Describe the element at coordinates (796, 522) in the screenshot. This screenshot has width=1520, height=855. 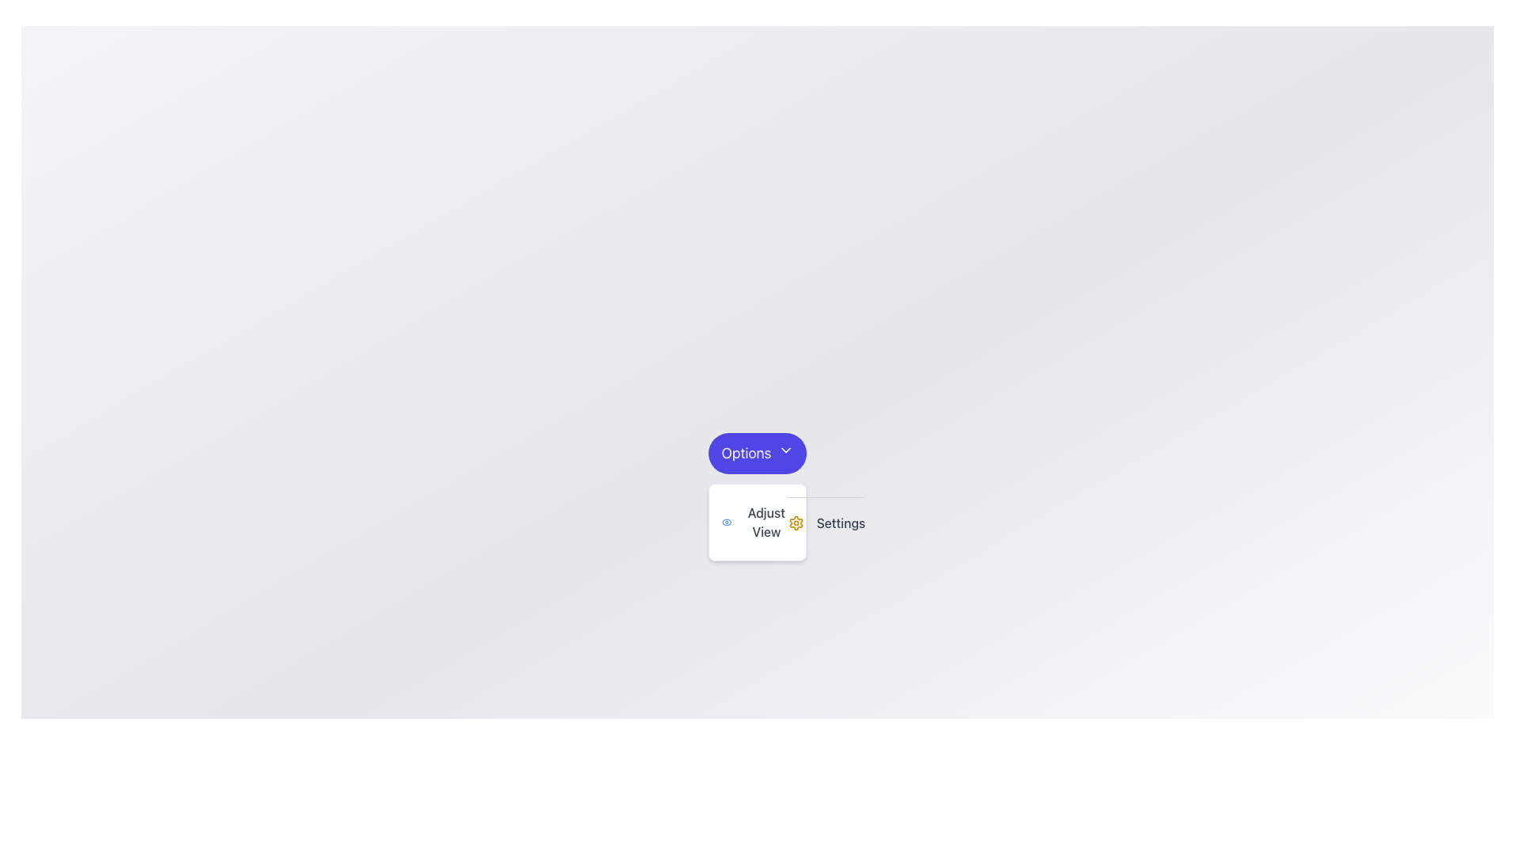
I see `the gear-shaped icon styled in yellow, which is positioned just left of the 'Settings' text label within a context menu` at that location.